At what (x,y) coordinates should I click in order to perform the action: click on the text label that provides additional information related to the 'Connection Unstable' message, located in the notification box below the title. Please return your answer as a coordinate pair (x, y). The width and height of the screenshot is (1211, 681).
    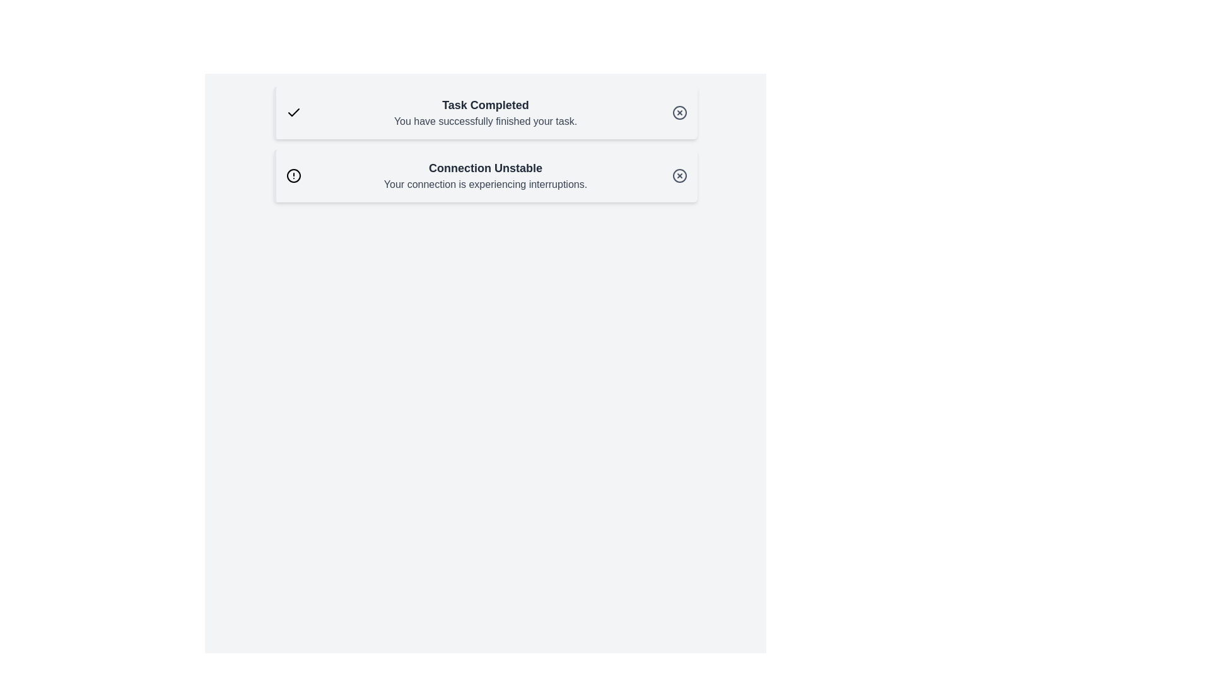
    Looking at the image, I should click on (484, 185).